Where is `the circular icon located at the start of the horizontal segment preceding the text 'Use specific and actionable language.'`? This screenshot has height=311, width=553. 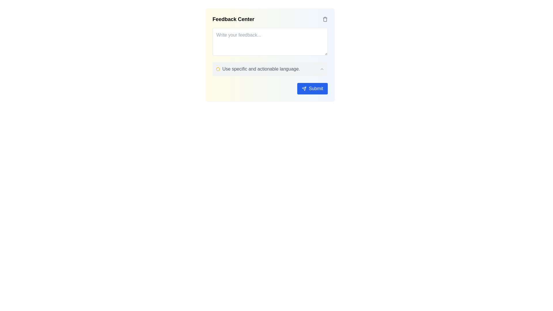 the circular icon located at the start of the horizontal segment preceding the text 'Use specific and actionable language.' is located at coordinates (218, 69).